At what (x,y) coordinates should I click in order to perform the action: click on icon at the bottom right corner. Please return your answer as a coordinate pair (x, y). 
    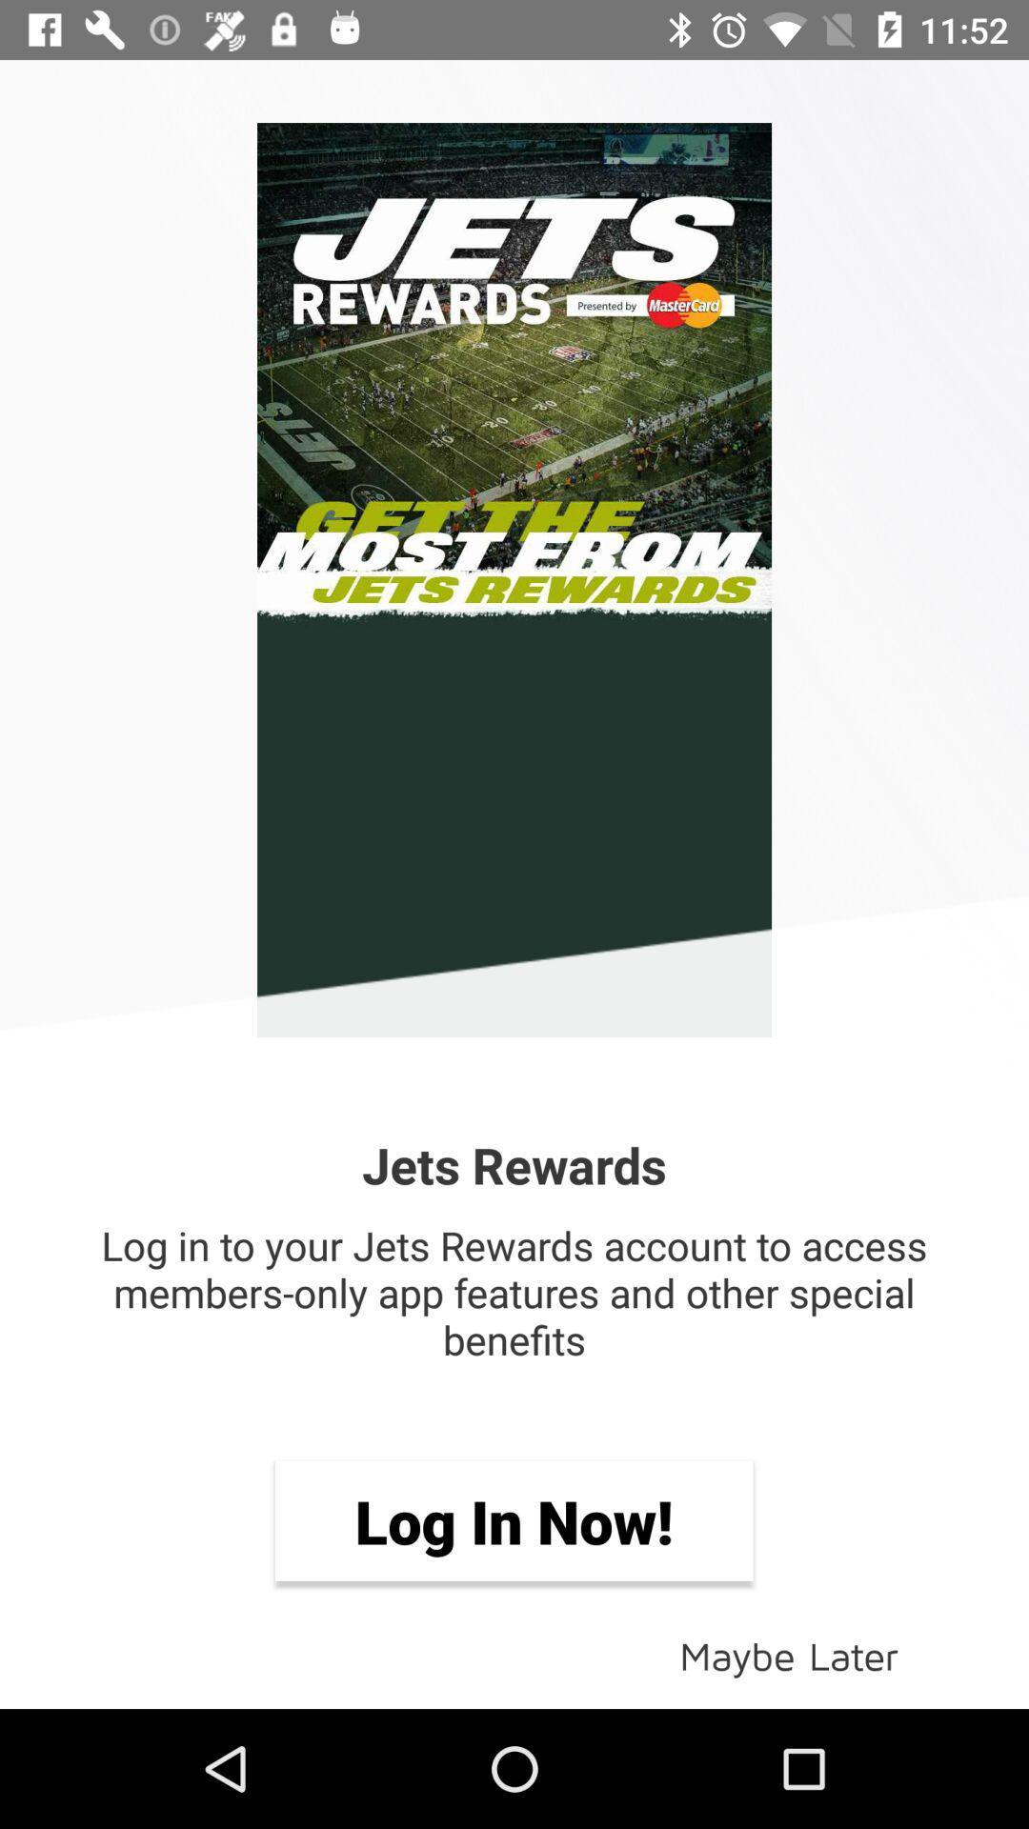
    Looking at the image, I should click on (789, 1654).